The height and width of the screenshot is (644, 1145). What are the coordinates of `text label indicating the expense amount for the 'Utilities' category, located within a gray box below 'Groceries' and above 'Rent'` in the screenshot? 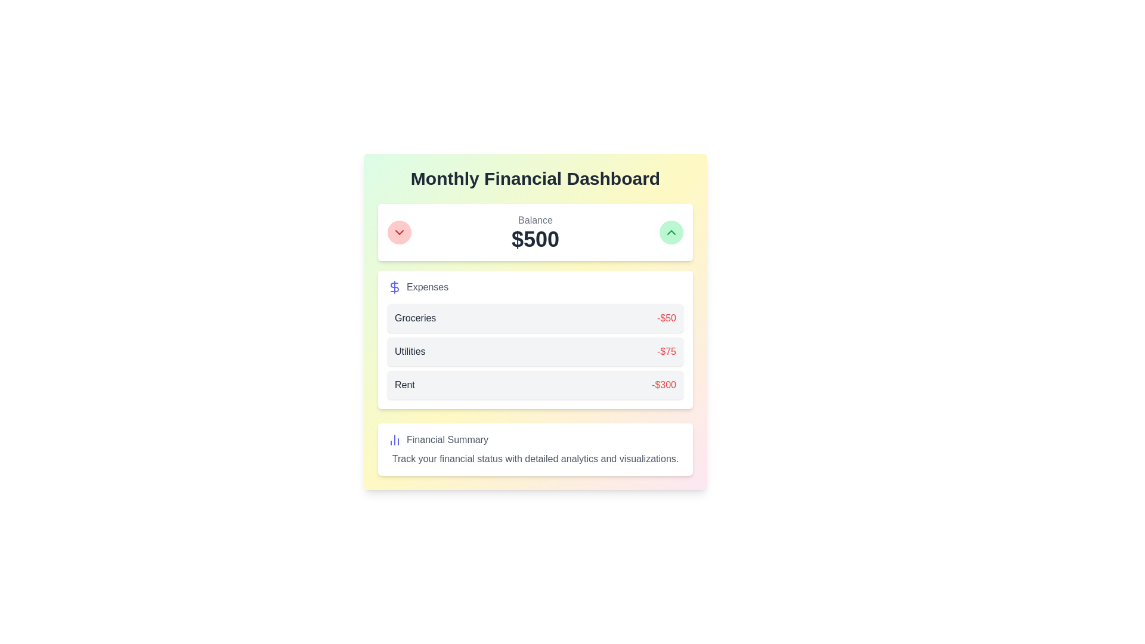 It's located at (666, 351).